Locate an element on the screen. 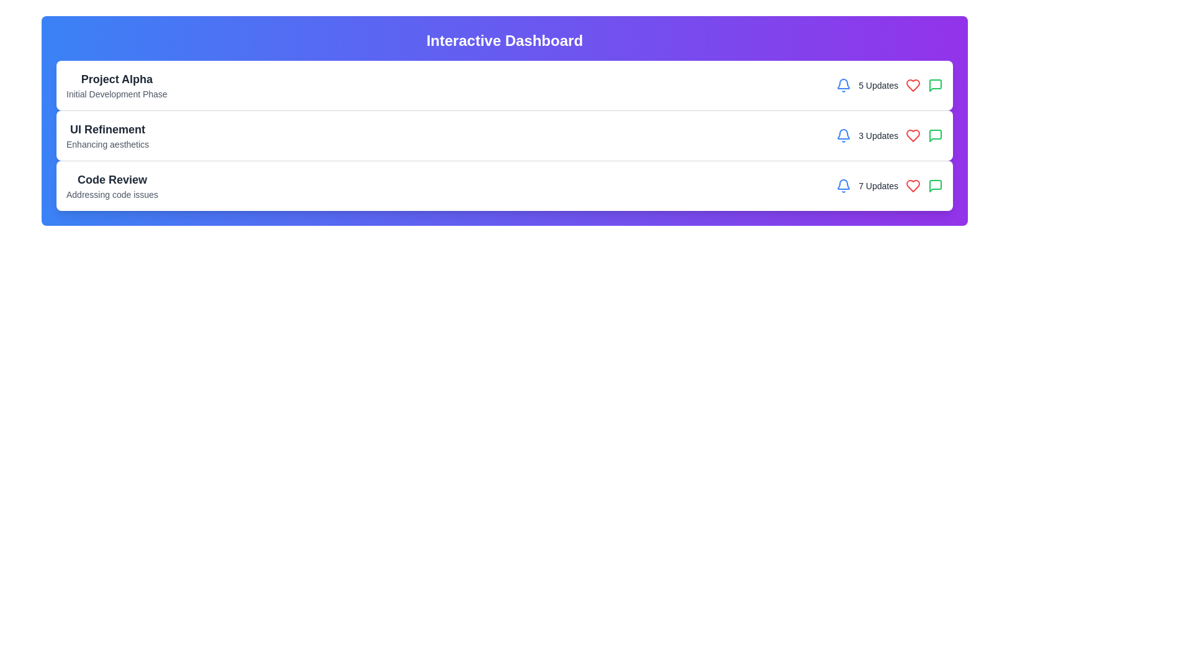 The height and width of the screenshot is (670, 1192). the heart-shaped red icon button located as the third icon on the right side in the 'UI Refinement' card is located at coordinates (913, 136).